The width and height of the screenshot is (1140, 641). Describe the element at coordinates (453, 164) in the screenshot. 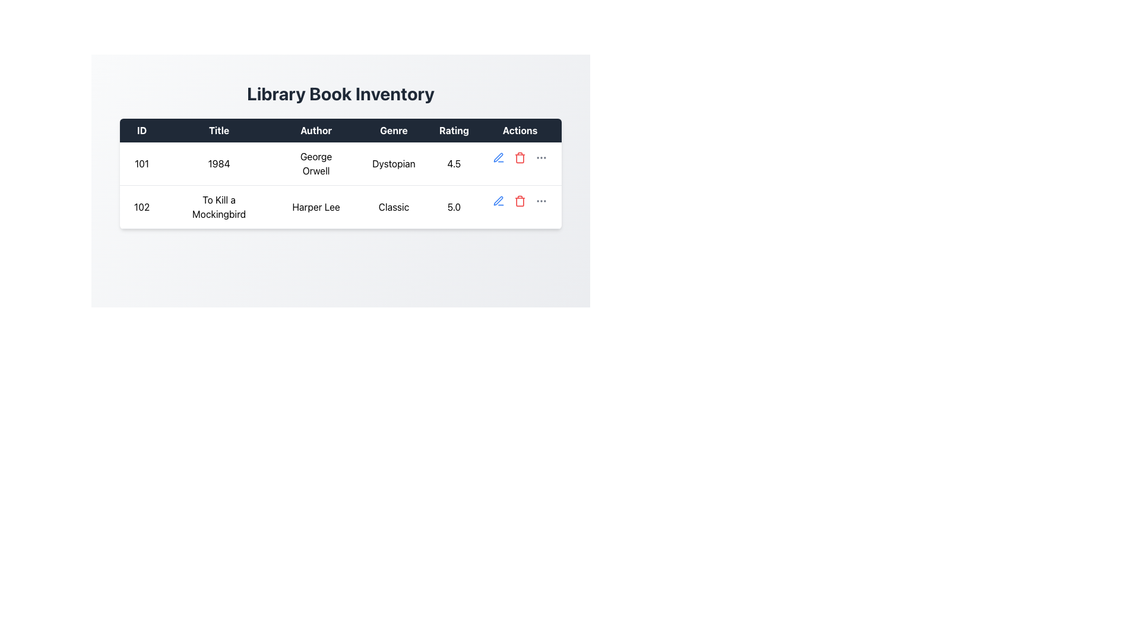

I see `the static text element displaying the rating of the book '1984' in the library inventory system, located in the 'Rating' column of the first row` at that location.